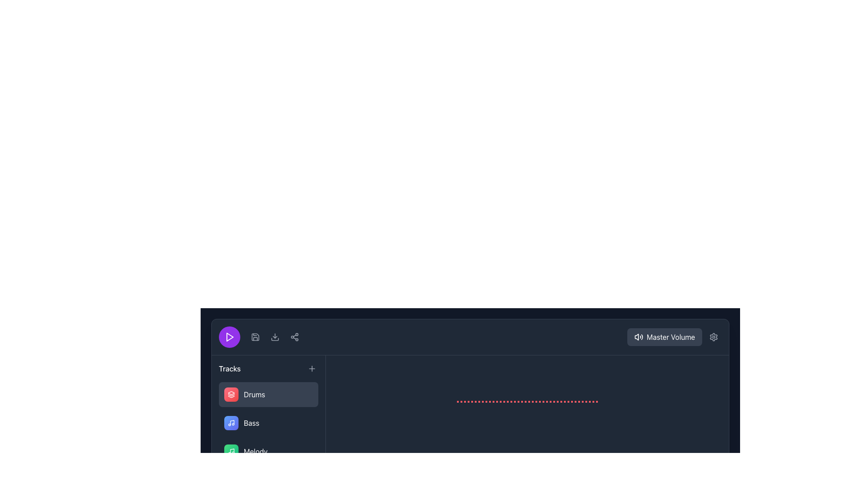  I want to click on the Icon Button with a gradient background transitioning from rose to red, located in the 'Drums' row of the Tracks section, to the immediate left of the text 'Drums', so click(231, 394).